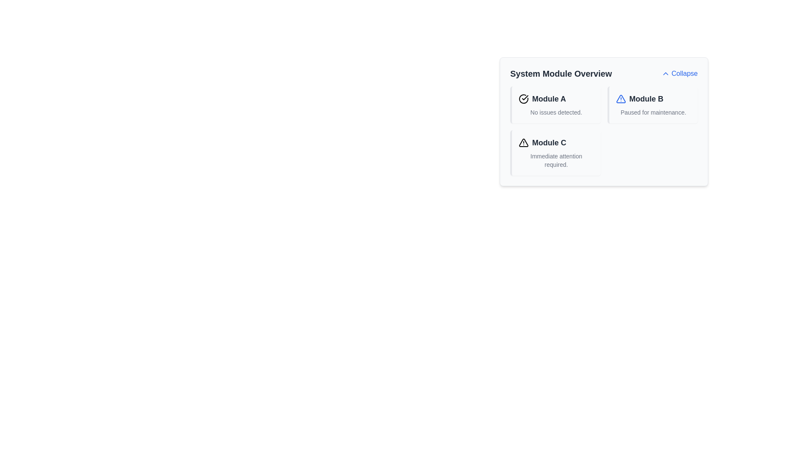  Describe the element at coordinates (549, 142) in the screenshot. I see `the 'Module C' textual label` at that location.